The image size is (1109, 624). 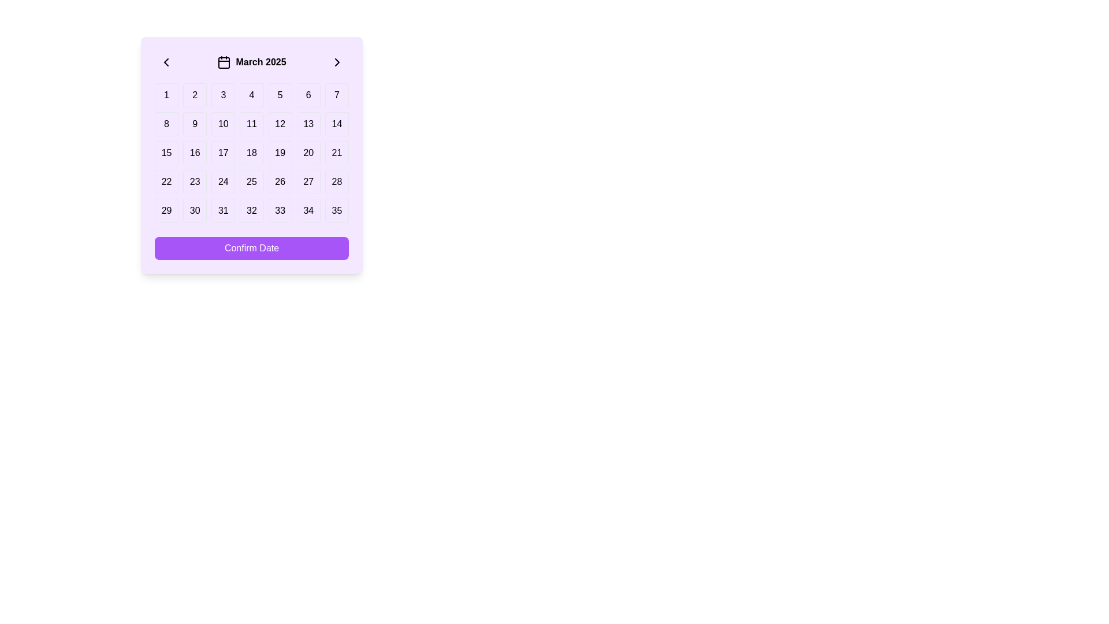 I want to click on the date selection button for '12', which is the sixth button in the second row of a grid layout, so click(x=280, y=124).